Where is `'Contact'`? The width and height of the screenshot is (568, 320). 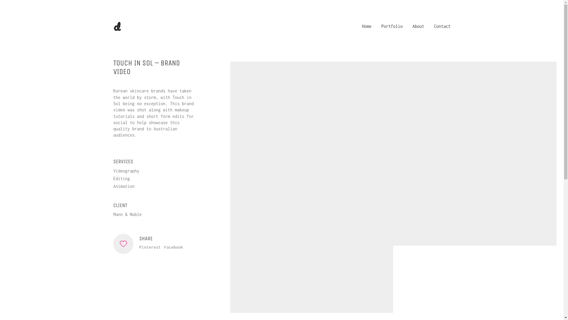 'Contact' is located at coordinates (442, 26).